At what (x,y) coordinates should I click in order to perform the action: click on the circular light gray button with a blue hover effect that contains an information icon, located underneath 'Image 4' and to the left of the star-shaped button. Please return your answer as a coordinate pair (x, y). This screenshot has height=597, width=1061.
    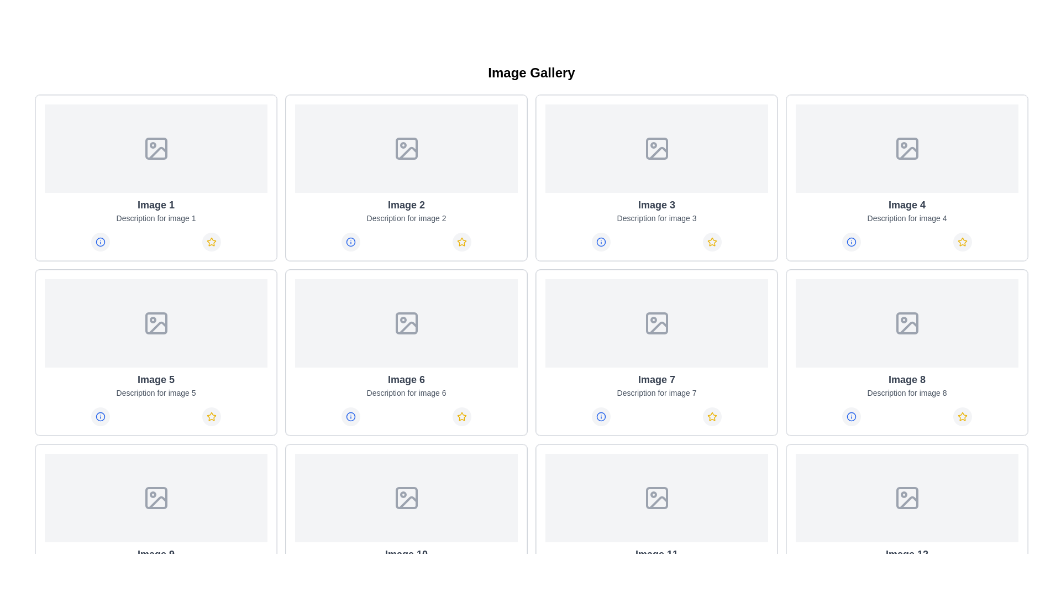
    Looking at the image, I should click on (850, 242).